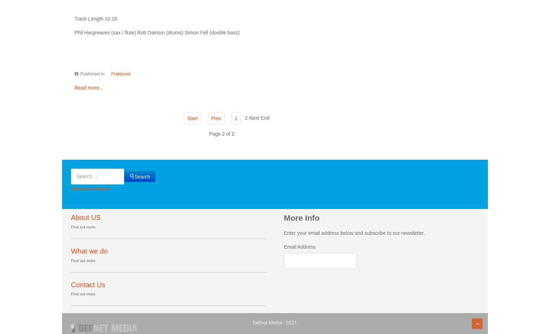 Image resolution: width=550 pixels, height=334 pixels. Describe the element at coordinates (142, 176) in the screenshot. I see `'Search'` at that location.